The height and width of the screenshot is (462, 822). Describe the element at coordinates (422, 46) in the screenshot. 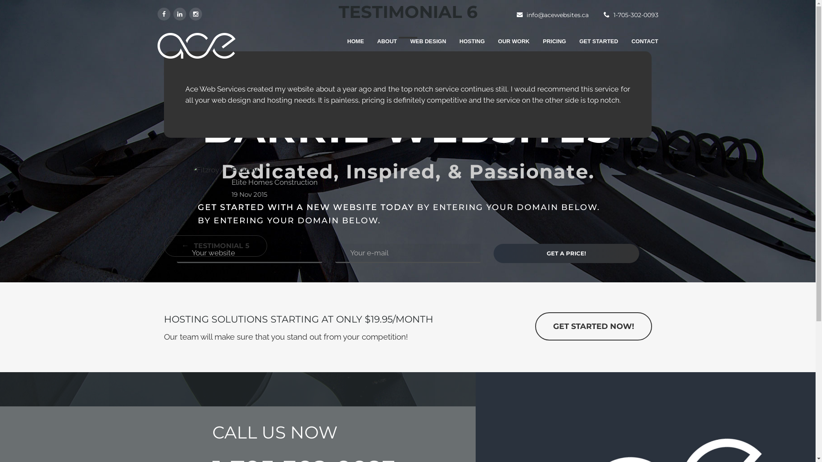

I see `'WEB DESIGN'` at that location.